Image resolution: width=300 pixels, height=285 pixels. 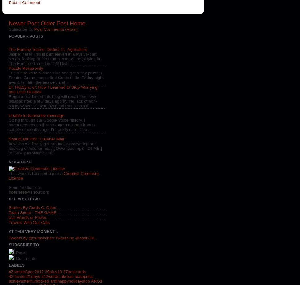 What do you see at coordinates (29, 281) in the screenshot?
I see `'achievementunlocked'` at bounding box center [29, 281].